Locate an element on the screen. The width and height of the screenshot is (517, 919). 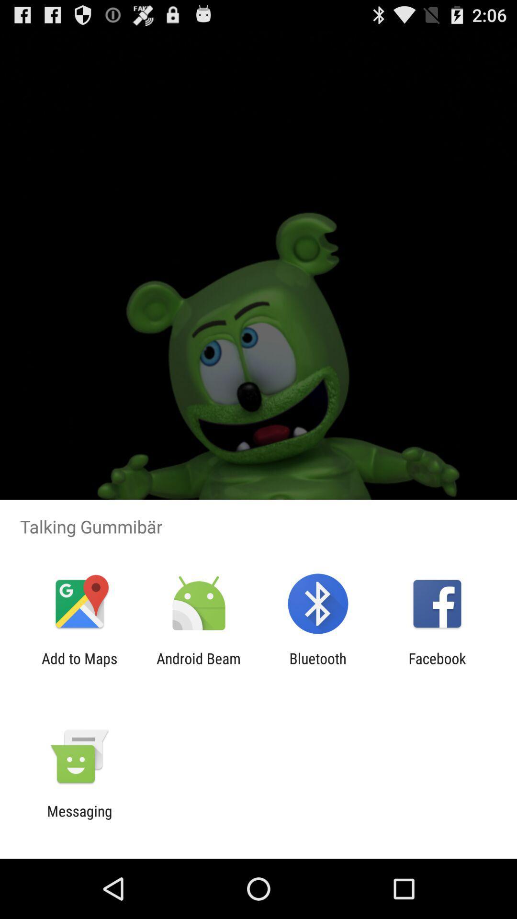
app to the left of the android beam icon is located at coordinates (79, 666).